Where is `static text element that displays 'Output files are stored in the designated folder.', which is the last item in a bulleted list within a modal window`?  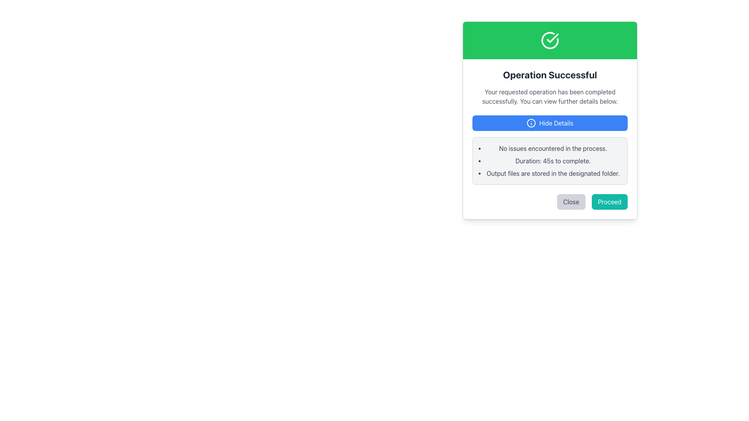 static text element that displays 'Output files are stored in the designated folder.', which is the last item in a bulleted list within a modal window is located at coordinates (552, 173).